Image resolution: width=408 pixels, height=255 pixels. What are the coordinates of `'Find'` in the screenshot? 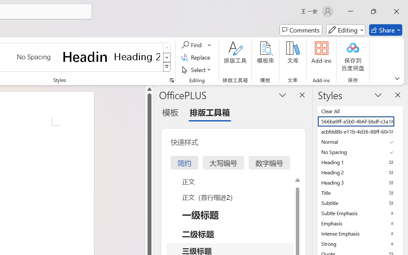 It's located at (196, 45).